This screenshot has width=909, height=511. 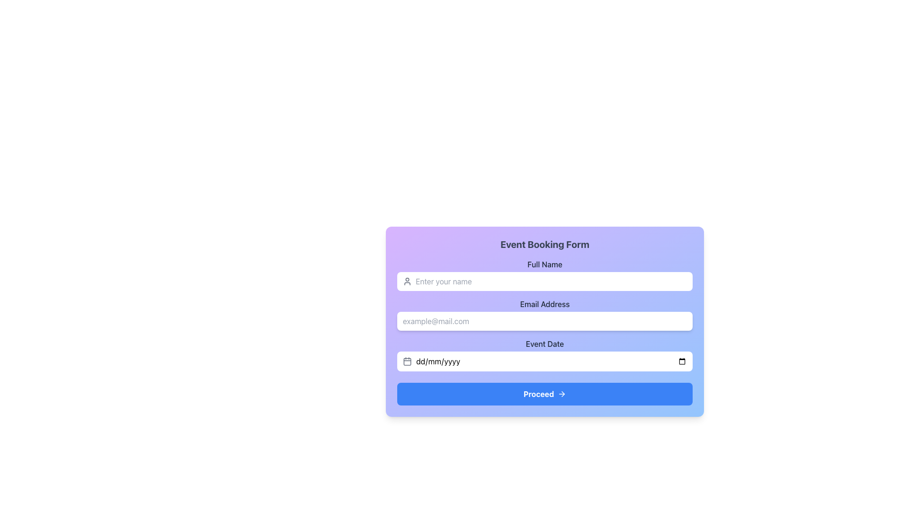 What do you see at coordinates (562, 394) in the screenshot?
I see `the small right-pointing arrow icon located within the 'Proceed' button at the bottom of the form interface` at bounding box center [562, 394].